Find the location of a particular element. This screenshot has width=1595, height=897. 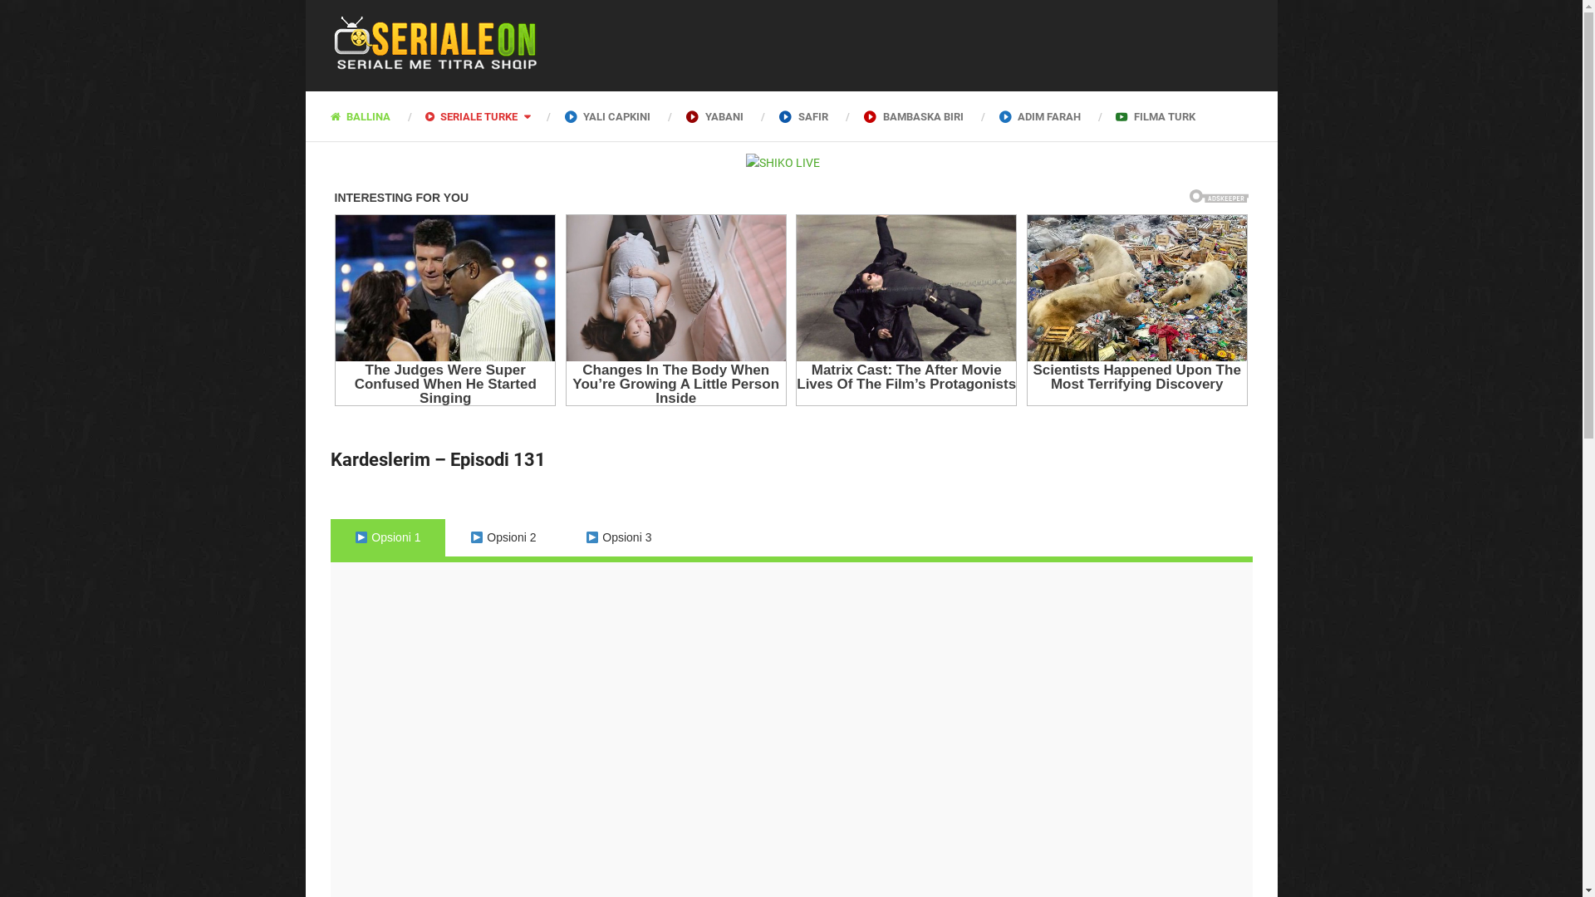

'ADIM FARAH' is located at coordinates (980, 115).